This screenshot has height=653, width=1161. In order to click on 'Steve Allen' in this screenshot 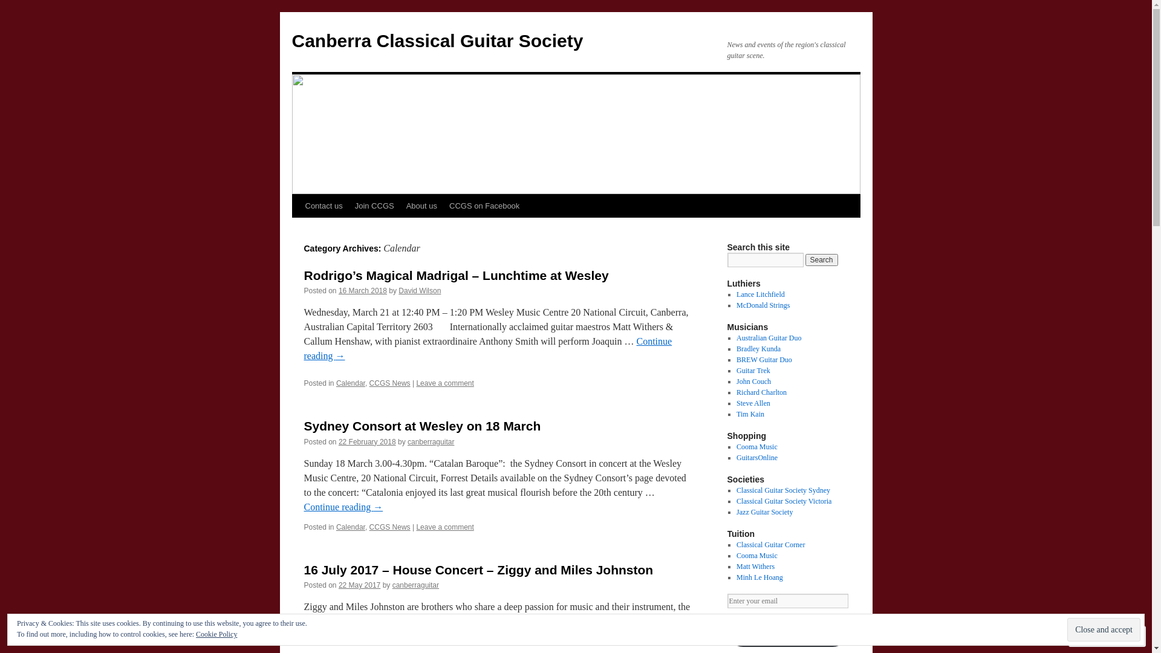, I will do `click(753, 403)`.